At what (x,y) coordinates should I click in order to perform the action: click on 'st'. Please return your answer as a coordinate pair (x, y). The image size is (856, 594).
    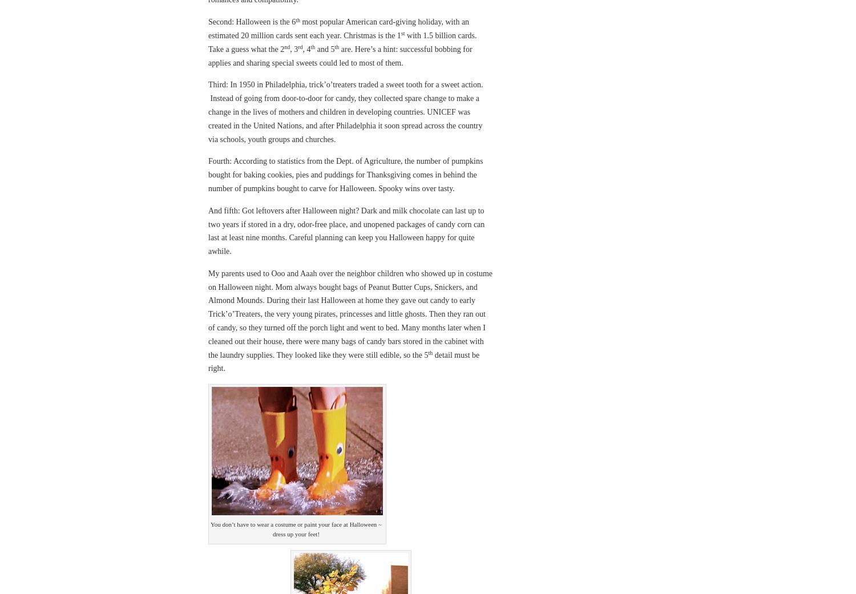
    Looking at the image, I should click on (402, 33).